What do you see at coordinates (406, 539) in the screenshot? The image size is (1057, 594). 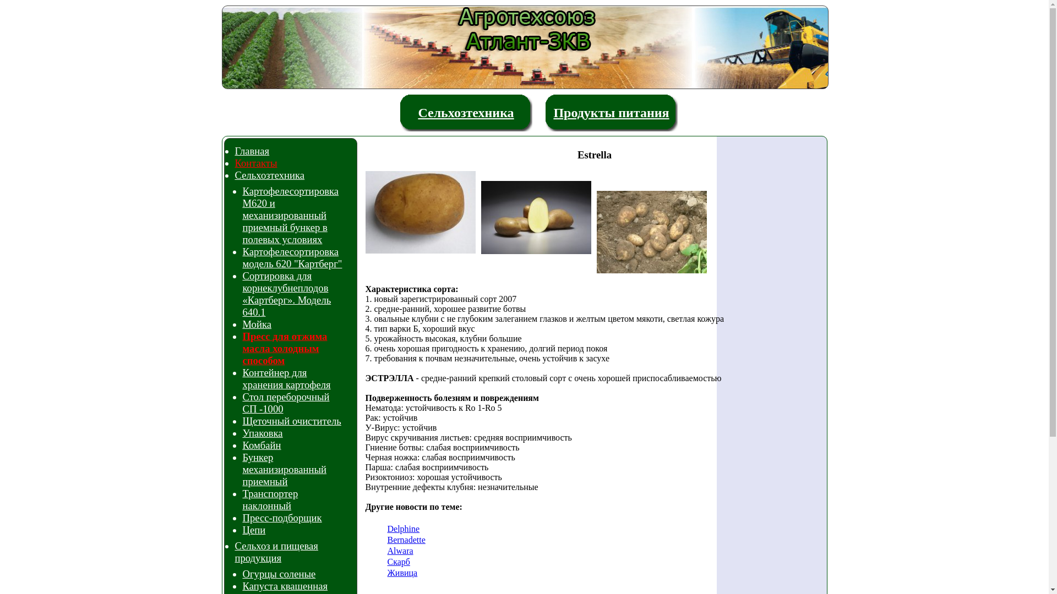 I see `'Bernadette'` at bounding box center [406, 539].